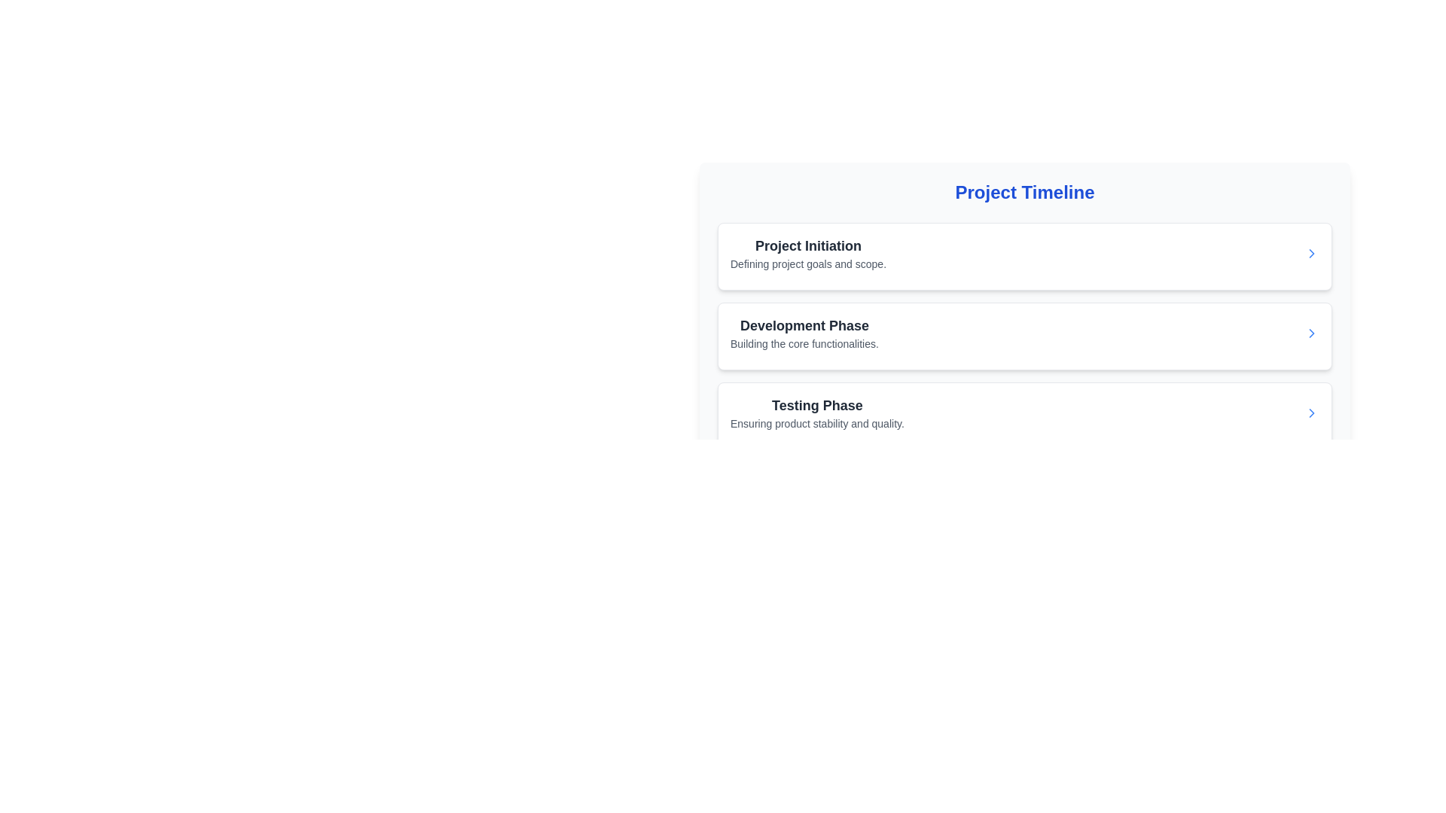 This screenshot has height=813, width=1446. What do you see at coordinates (1311, 333) in the screenshot?
I see `the forward action icon located at the end of the second list item in the vertical sequence, indicating interactivity` at bounding box center [1311, 333].